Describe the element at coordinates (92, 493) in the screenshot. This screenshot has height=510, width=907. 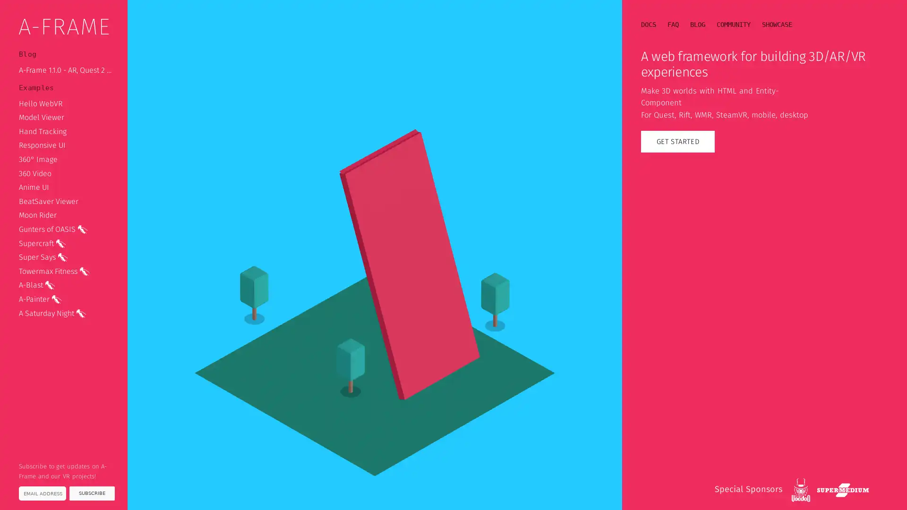
I see `SUBSCRIBE` at that location.